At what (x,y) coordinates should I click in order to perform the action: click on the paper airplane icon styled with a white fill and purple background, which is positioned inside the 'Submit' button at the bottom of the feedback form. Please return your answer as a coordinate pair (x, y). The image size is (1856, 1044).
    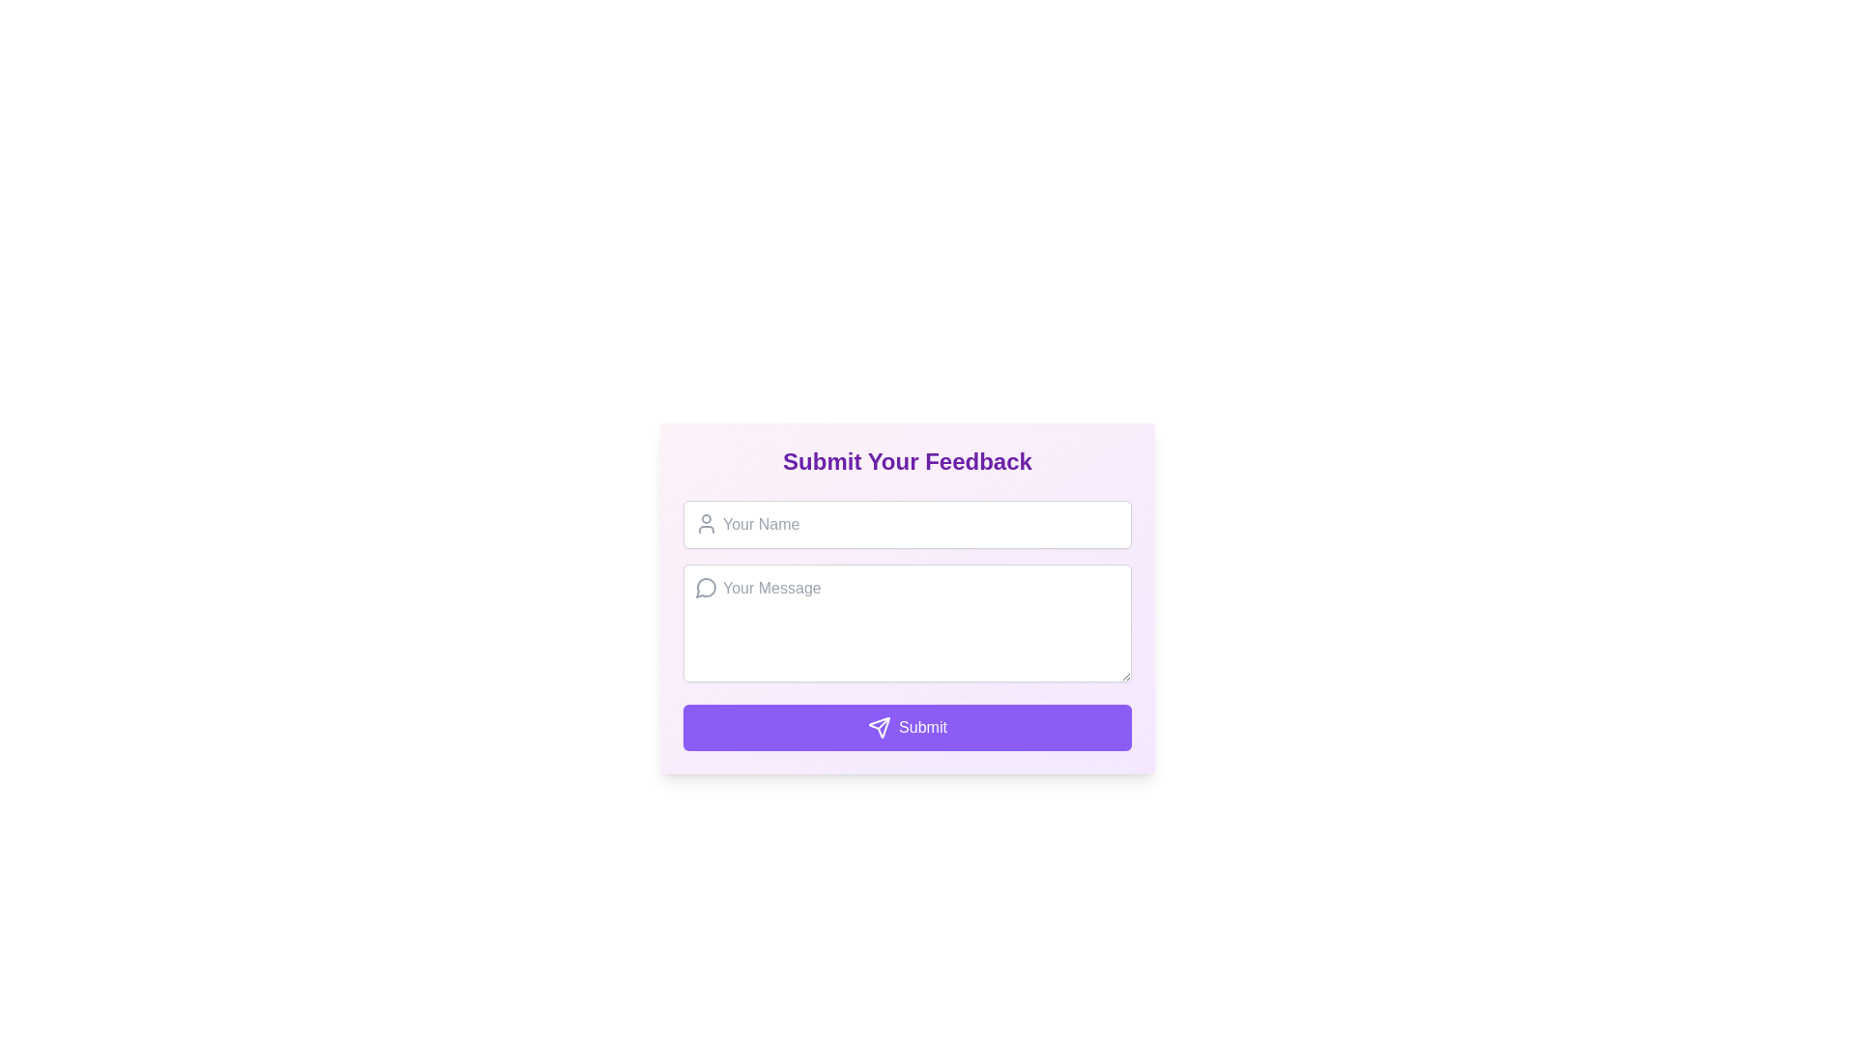
    Looking at the image, I should click on (879, 727).